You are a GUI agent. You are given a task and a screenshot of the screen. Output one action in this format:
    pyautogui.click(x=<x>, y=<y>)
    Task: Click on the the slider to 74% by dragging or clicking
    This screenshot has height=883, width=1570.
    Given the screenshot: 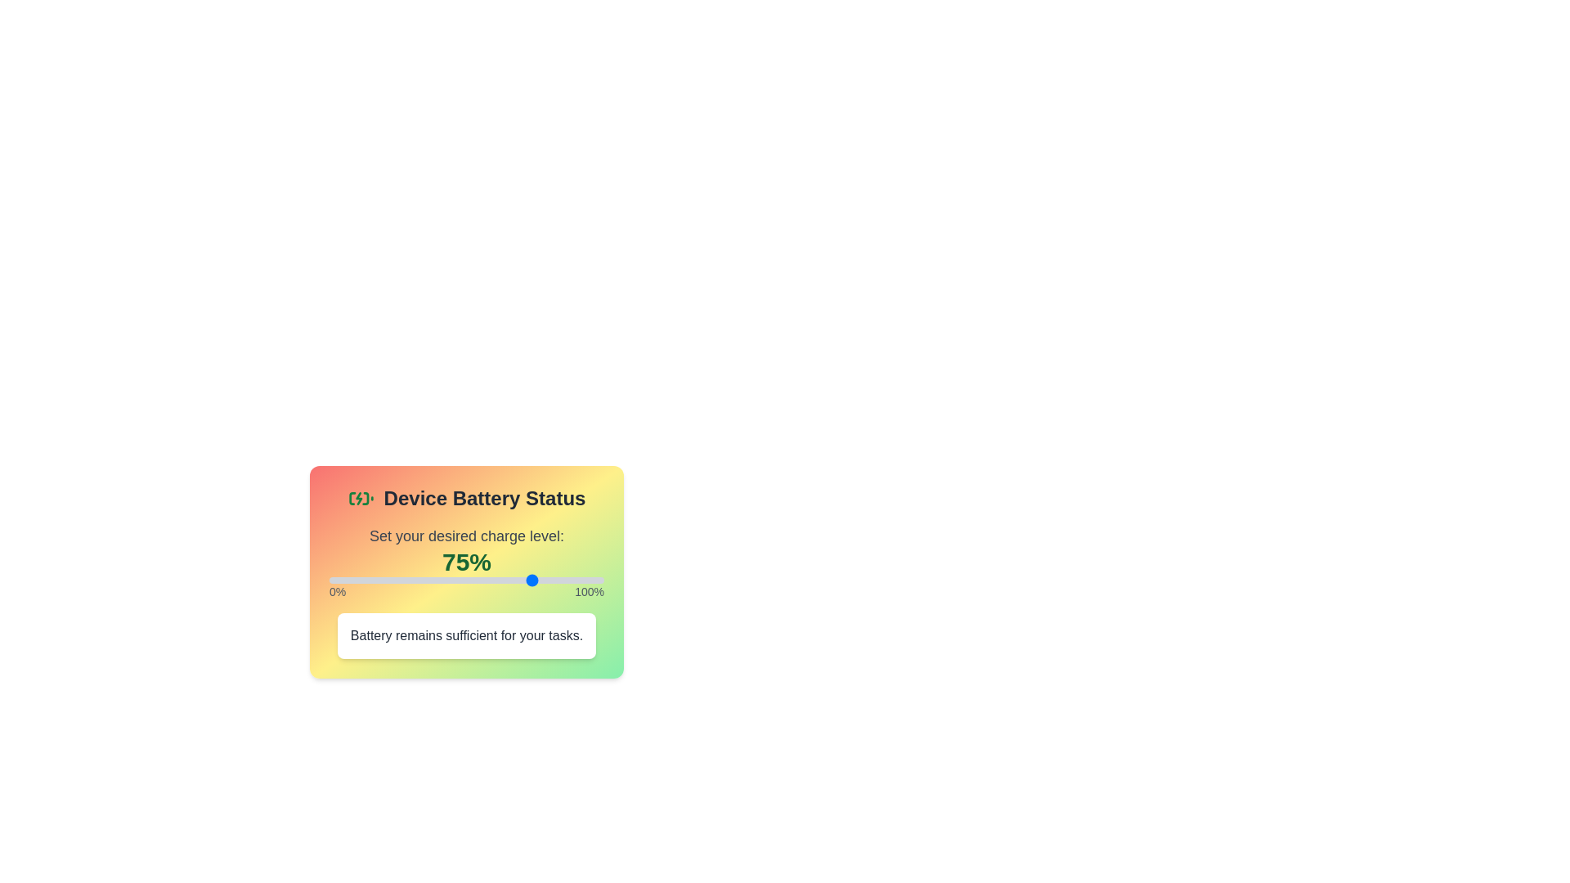 What is the action you would take?
    pyautogui.click(x=532, y=579)
    